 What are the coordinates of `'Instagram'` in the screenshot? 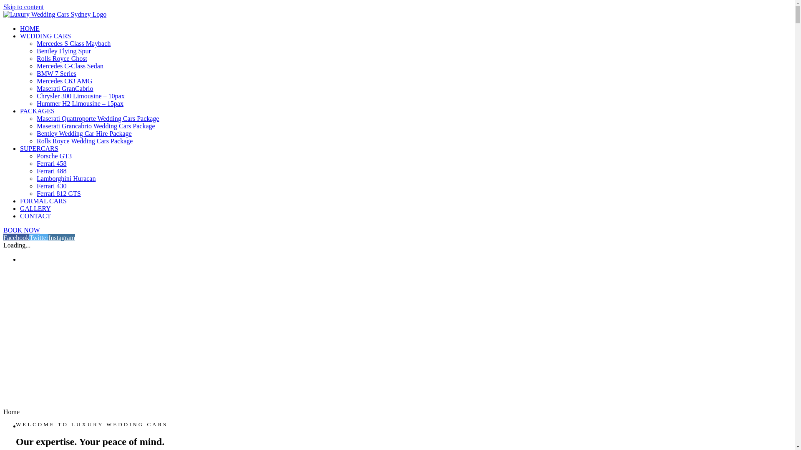 It's located at (61, 237).